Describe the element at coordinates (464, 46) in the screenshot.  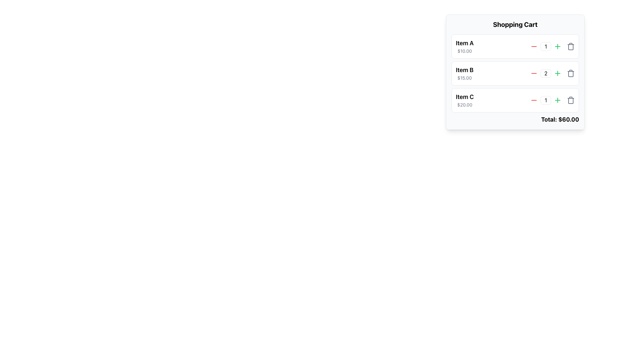
I see `the Text Display element that shows 'Item A' and its price '$10.00' in the shopping cart widget` at that location.